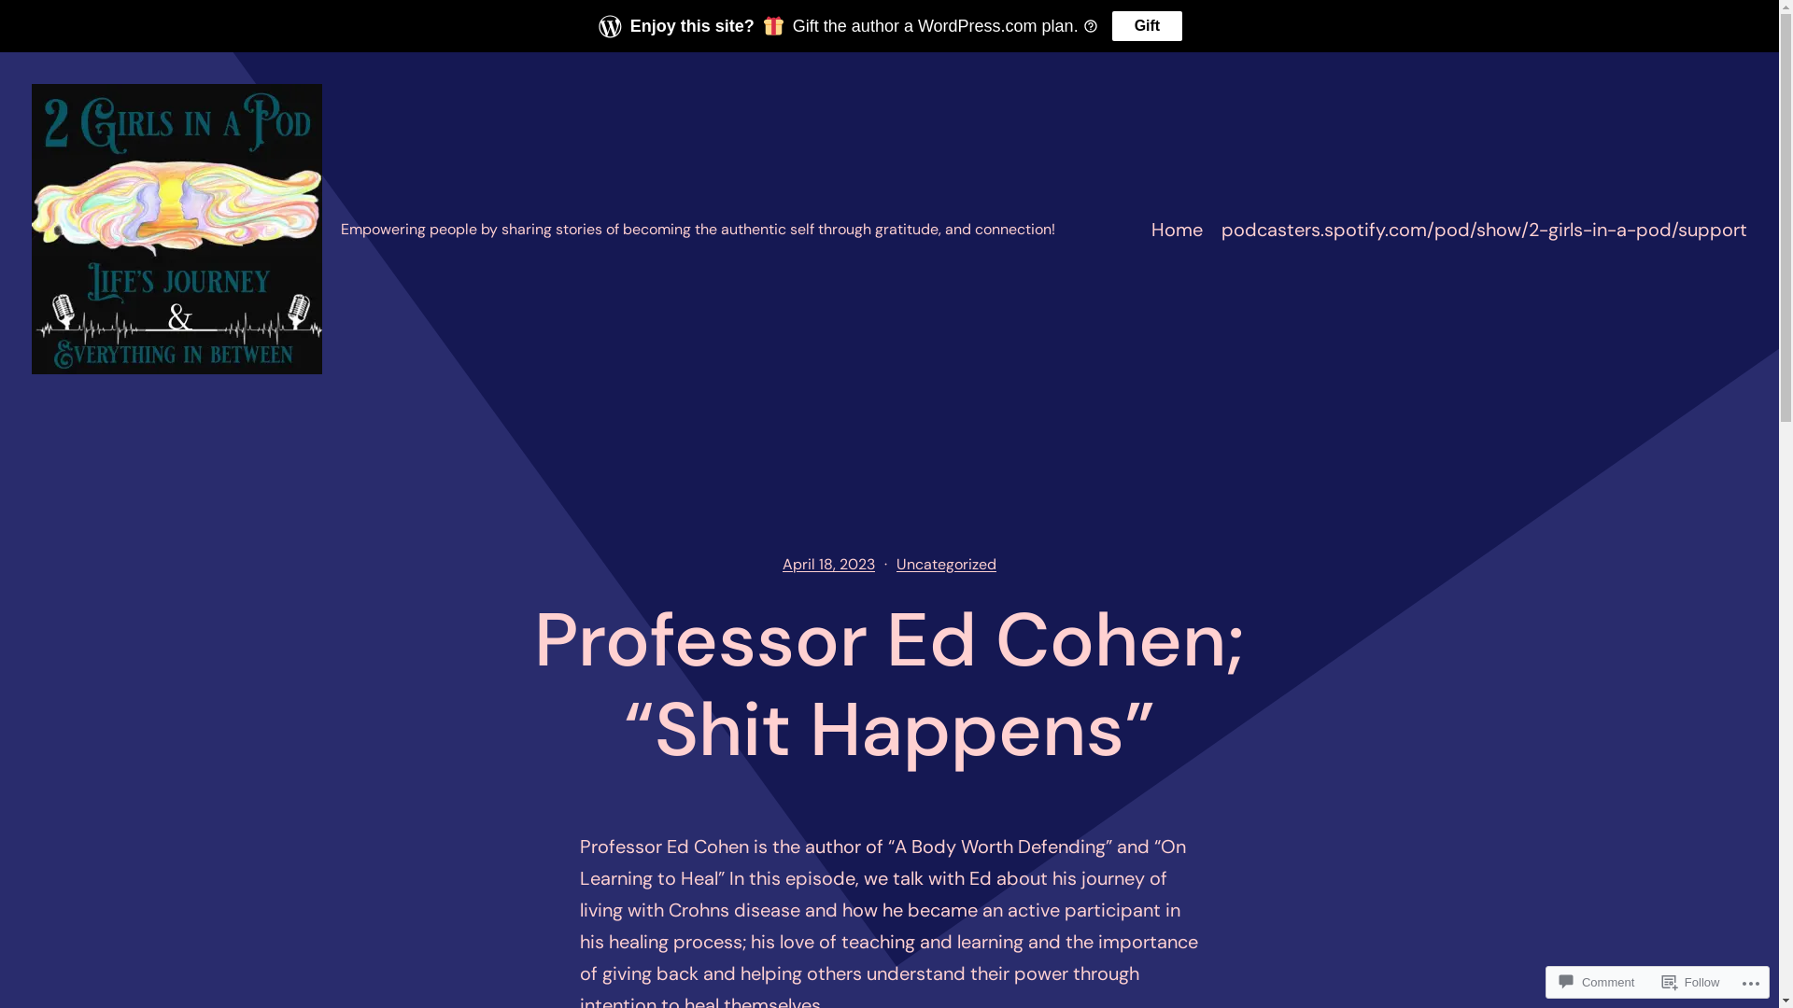 The height and width of the screenshot is (1008, 1793). Describe the element at coordinates (1595, 981) in the screenshot. I see `'Comment'` at that location.